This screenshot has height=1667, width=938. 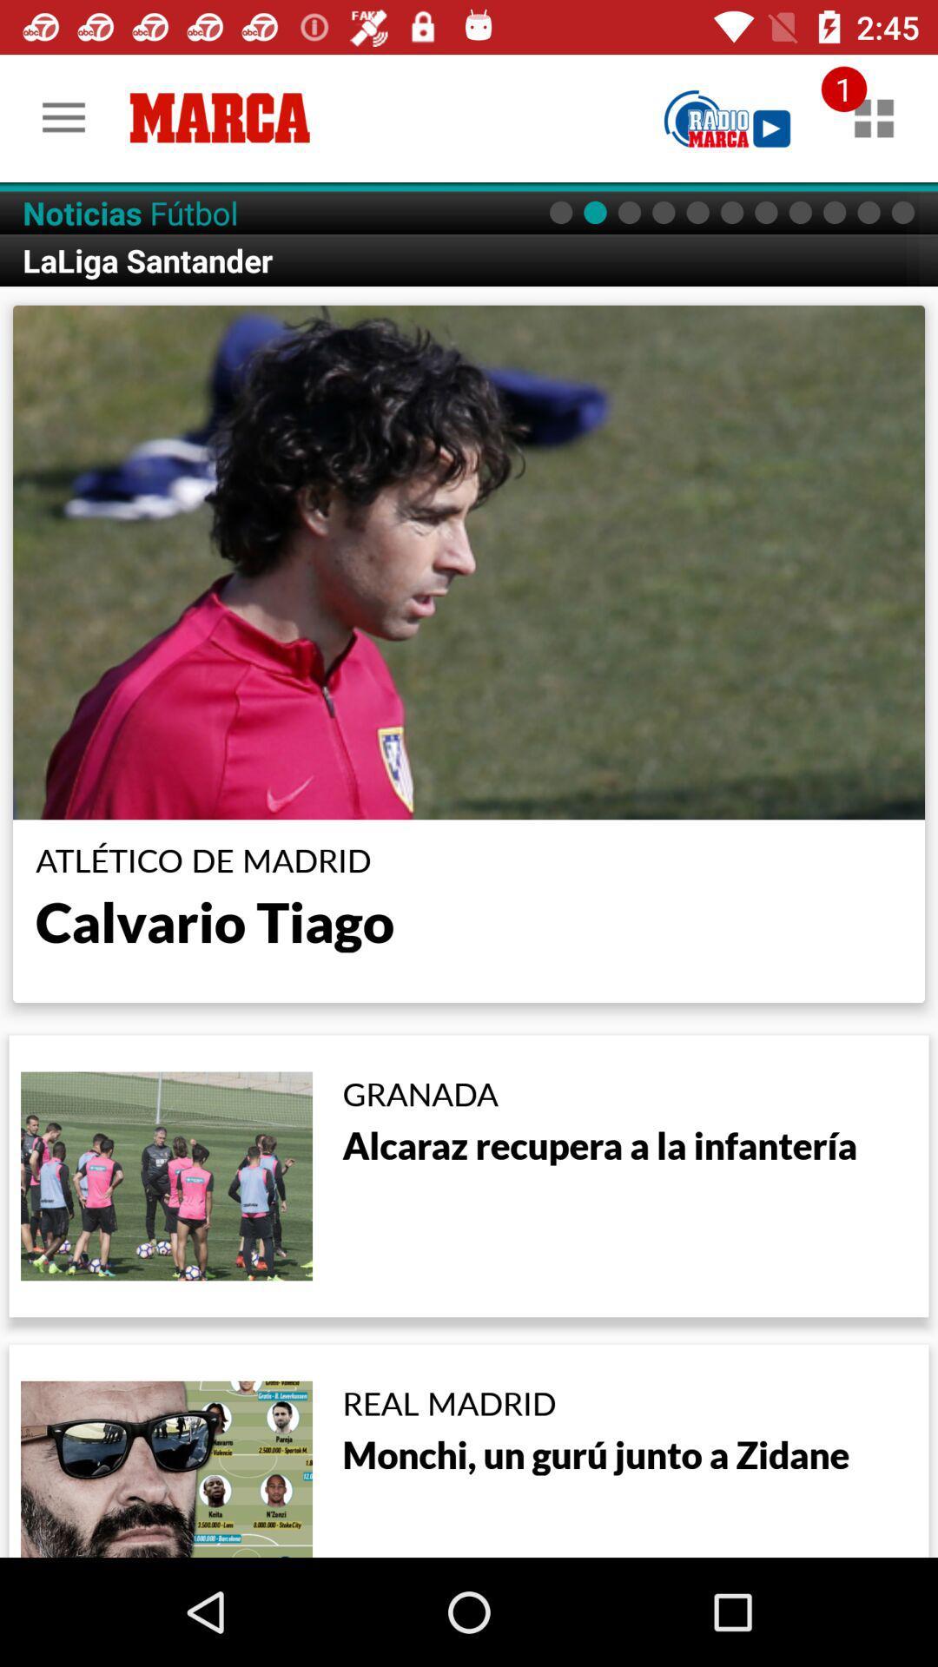 I want to click on more options, so click(x=874, y=117).